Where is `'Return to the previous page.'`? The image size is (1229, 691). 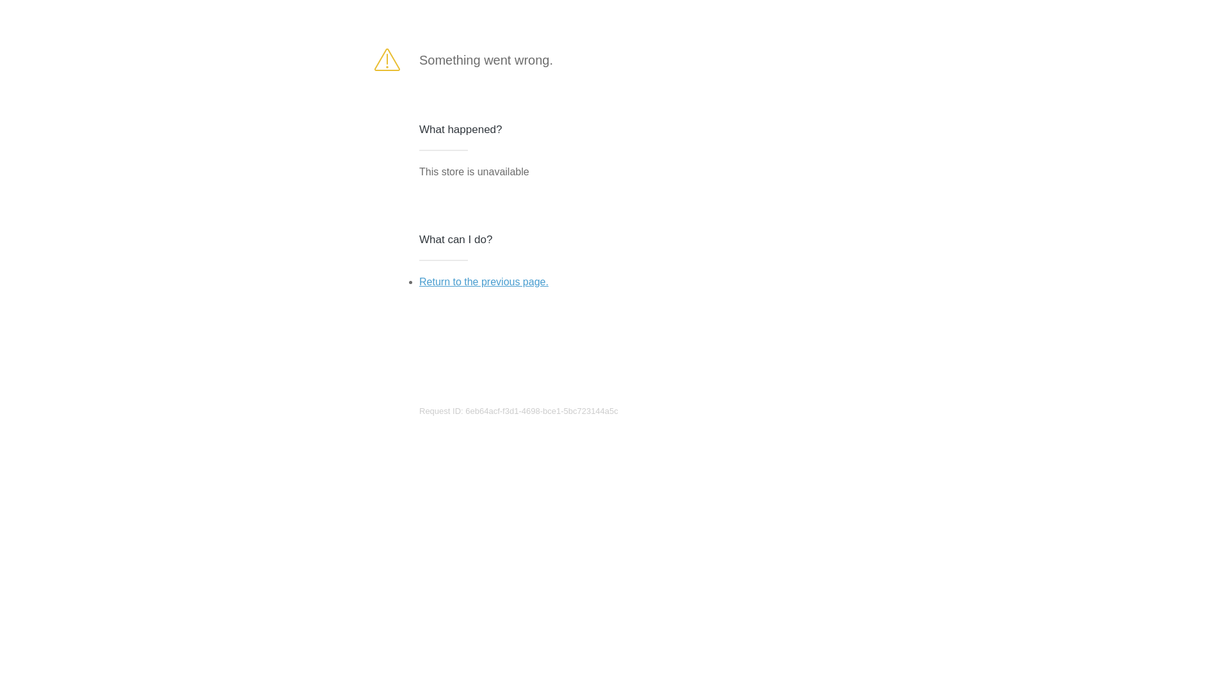 'Return to the previous page.' is located at coordinates (483, 281).